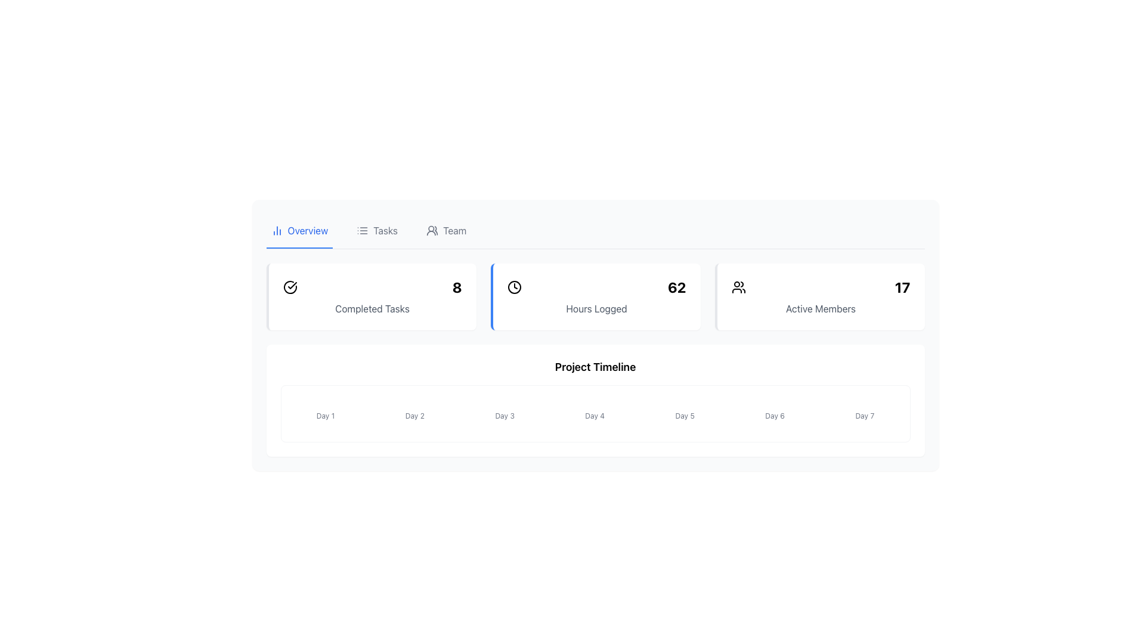 Image resolution: width=1145 pixels, height=644 pixels. Describe the element at coordinates (865, 413) in the screenshot. I see `the progress representation for 'Day 7' in the project's timeline, which is the seventh element in a horizontally aligned list of components labeled from 'Day 1' to 'Day 7'` at that location.